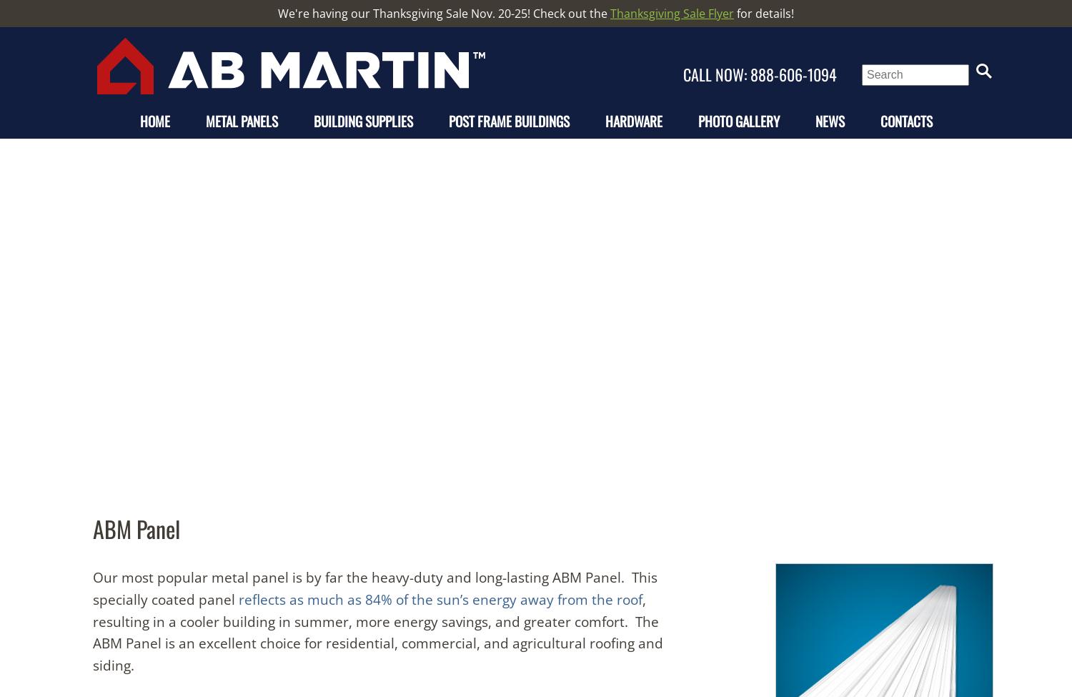  I want to click on 'Call Now: 888-606-1094', so click(761, 74).